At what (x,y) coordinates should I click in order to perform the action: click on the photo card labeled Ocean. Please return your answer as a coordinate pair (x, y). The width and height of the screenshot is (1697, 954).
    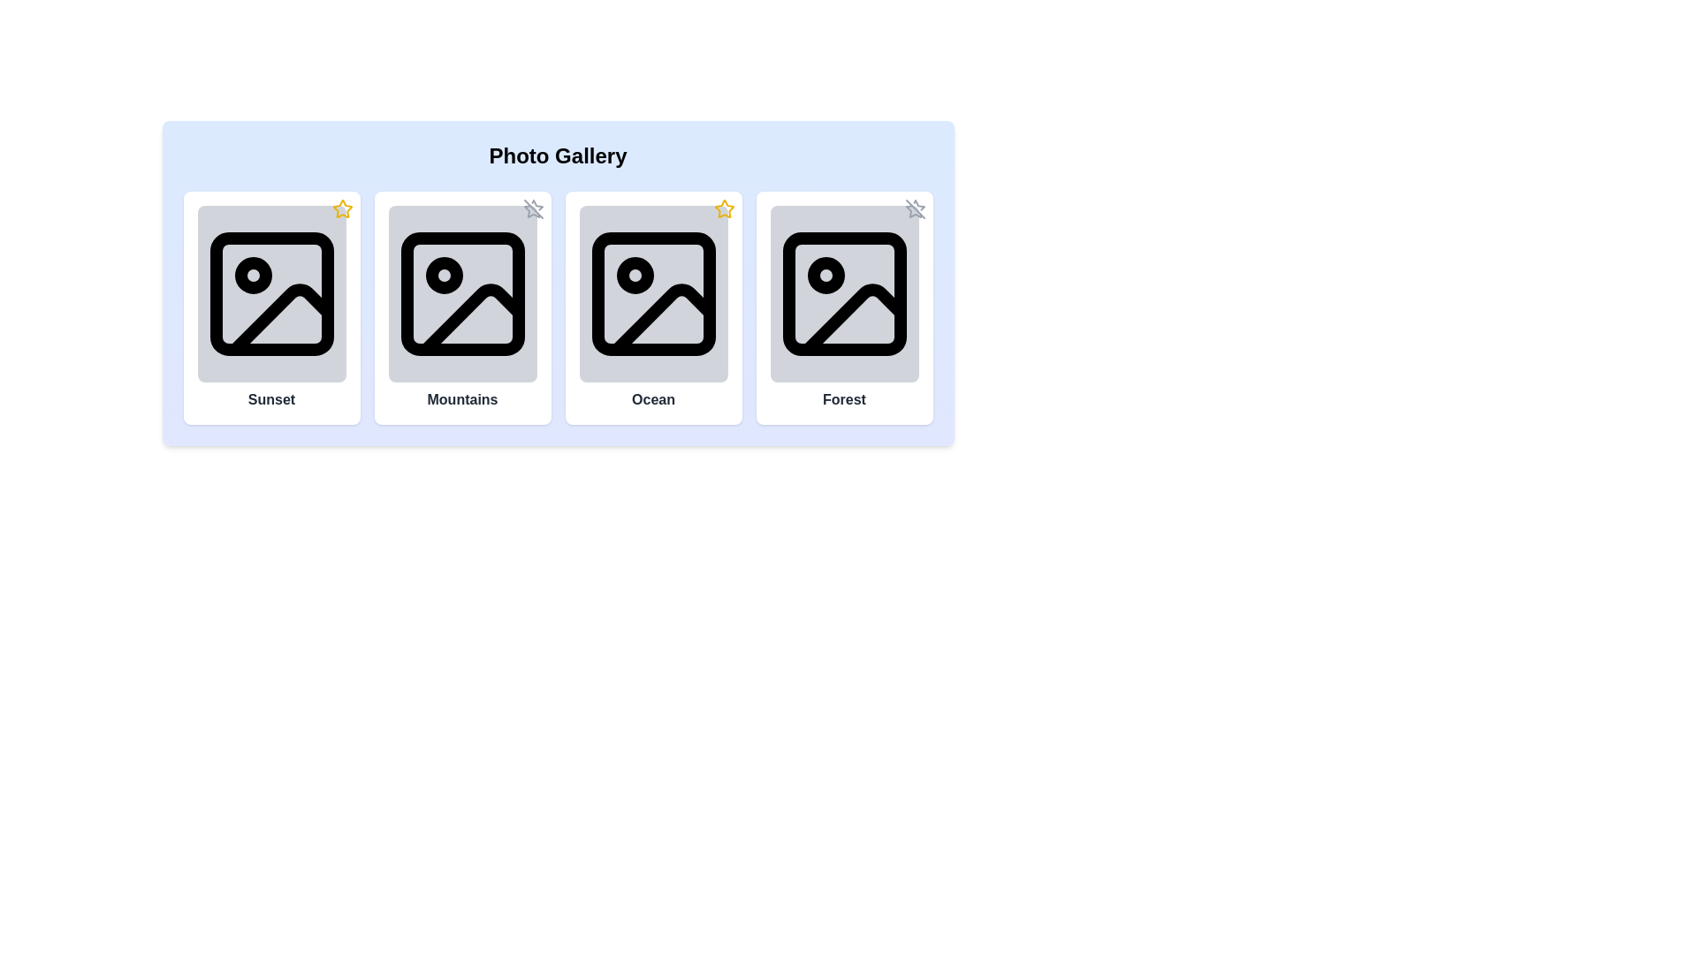
    Looking at the image, I should click on (652, 307).